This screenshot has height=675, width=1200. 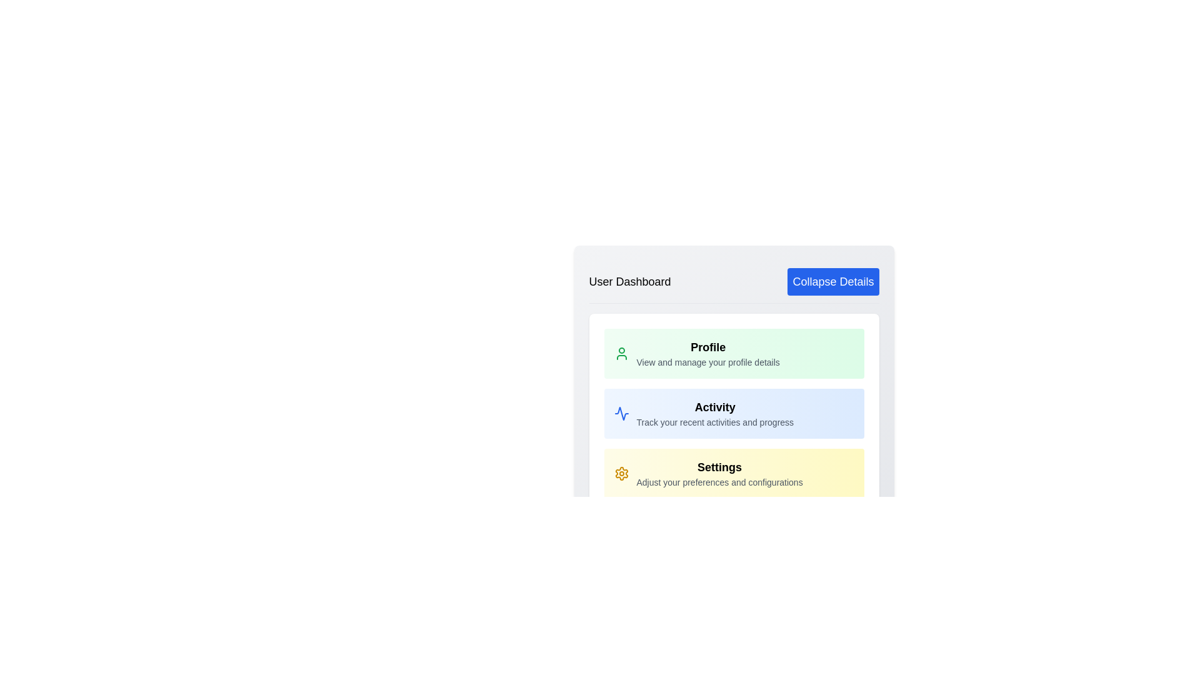 I want to click on the 'Settings' title text label located at the top of the 'Settings' section, so click(x=719, y=467).